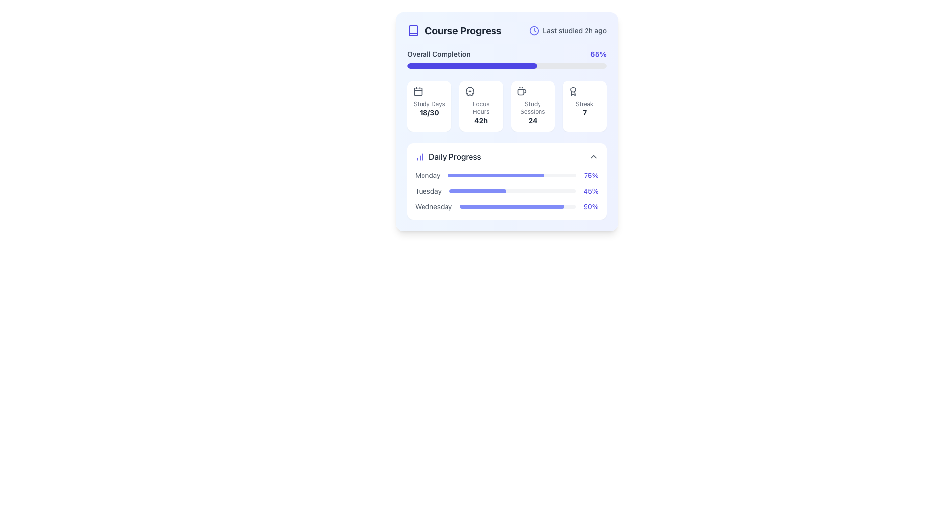 The width and height of the screenshot is (940, 528). I want to click on the decorative icon signifying progress or statistics located to the left of the 'Daily Progress' label, so click(420, 156).